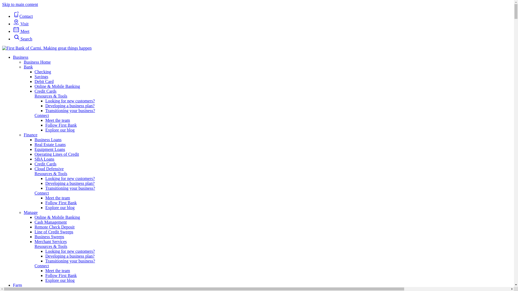 The height and width of the screenshot is (291, 518). Describe the element at coordinates (45, 203) in the screenshot. I see `'Follow First Bank'` at that location.